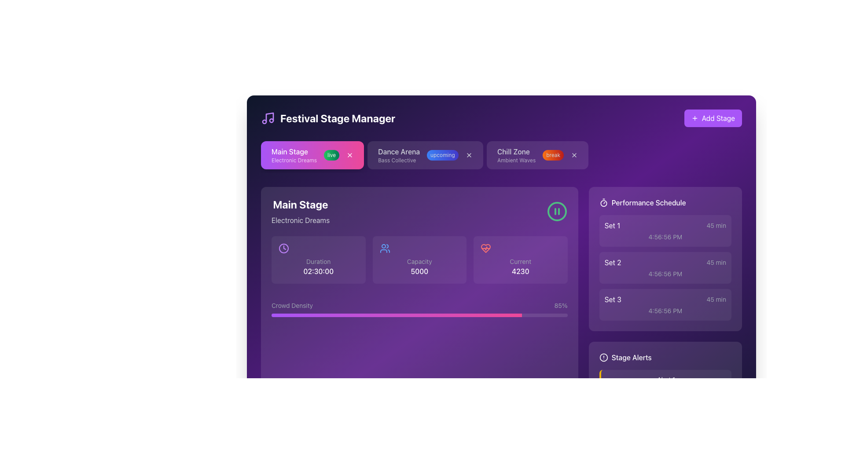  I want to click on the clock icon located in the leftmost sub-panel of the 'Main Stage' section, positioned above the 'Duration' label and before the numeric time '02:30:00', so click(283, 248).